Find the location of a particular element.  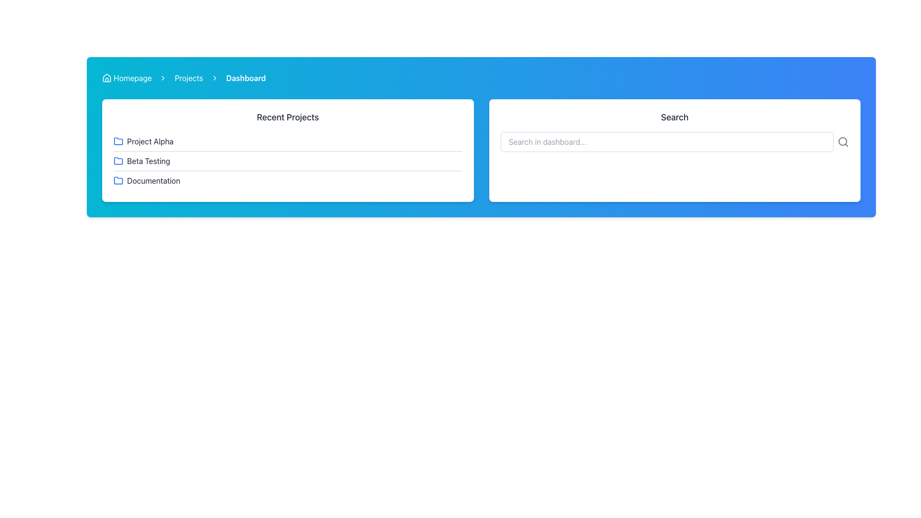

the 'Homepage' link in the breadcrumb navigation is located at coordinates (126, 77).